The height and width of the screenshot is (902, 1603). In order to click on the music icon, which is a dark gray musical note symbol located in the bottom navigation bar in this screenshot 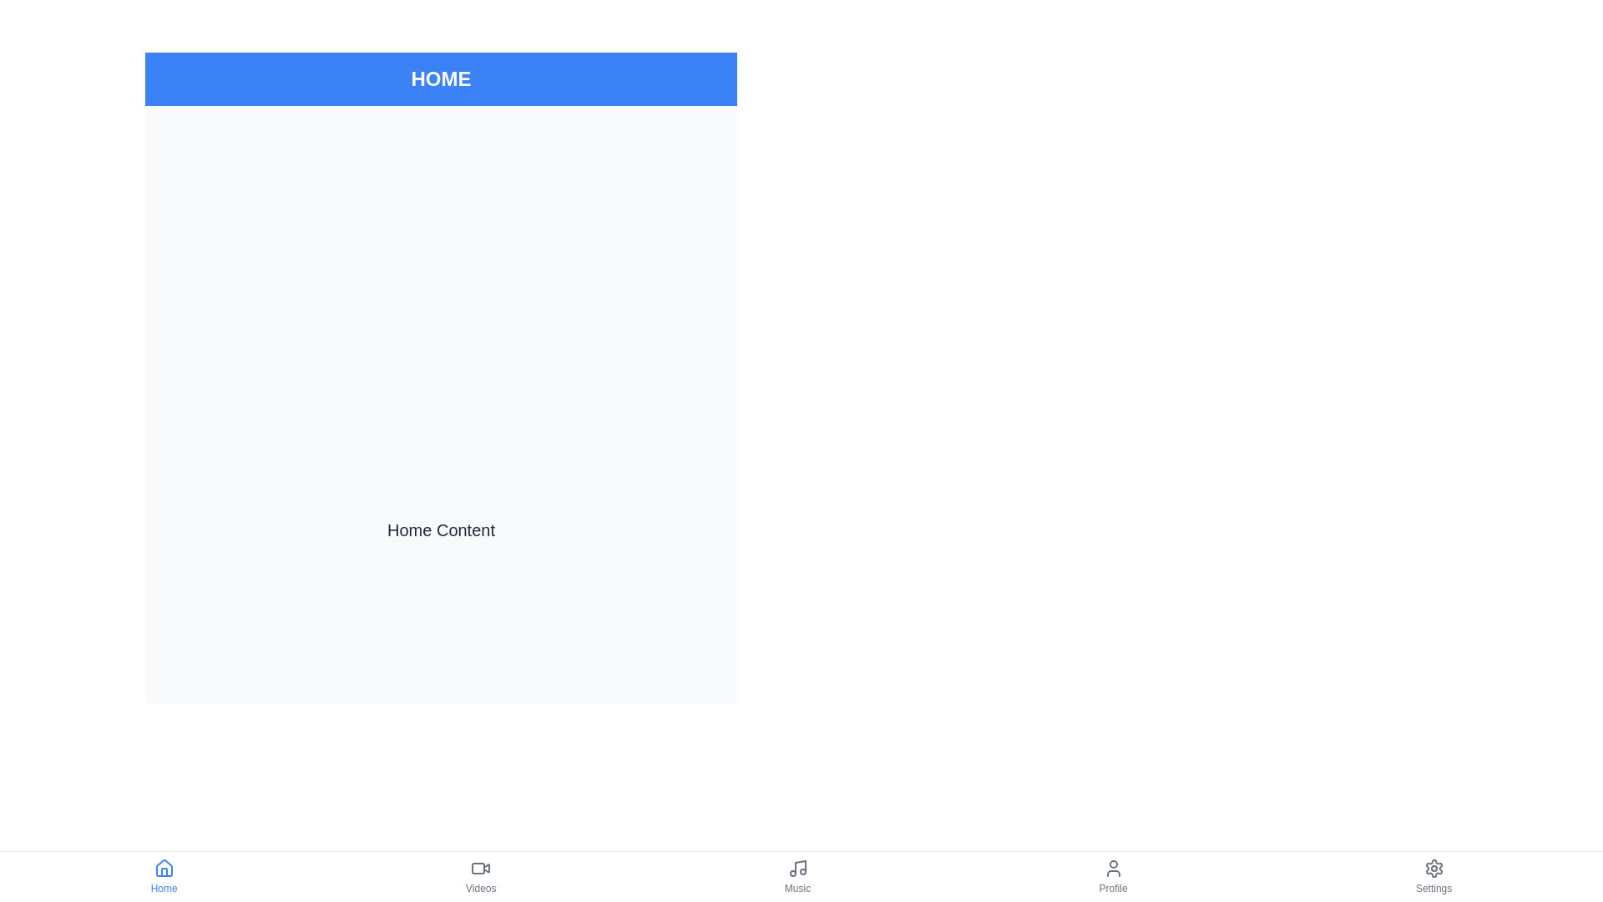, I will do `click(796, 868)`.